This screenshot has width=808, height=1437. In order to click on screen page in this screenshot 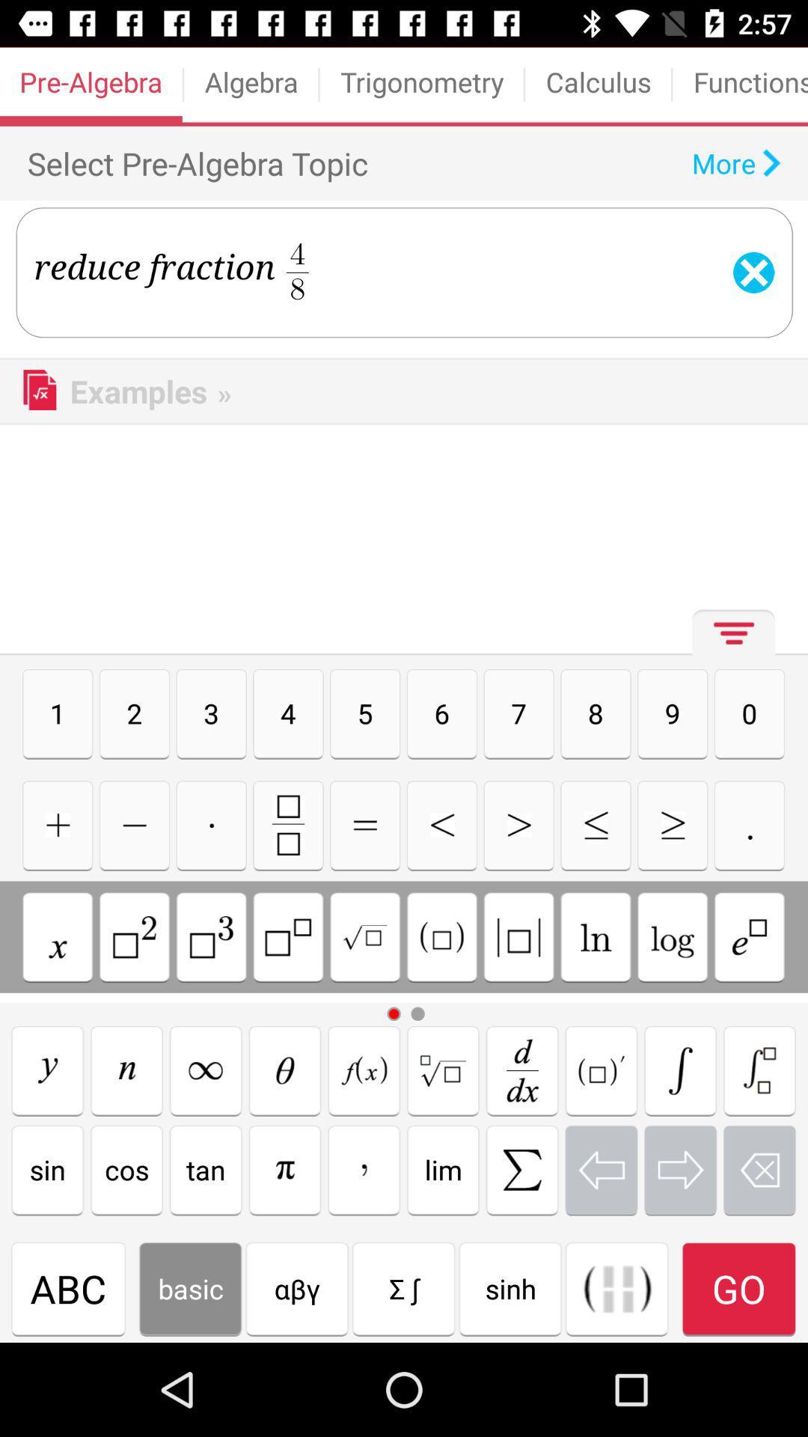, I will do `click(285, 1070)`.